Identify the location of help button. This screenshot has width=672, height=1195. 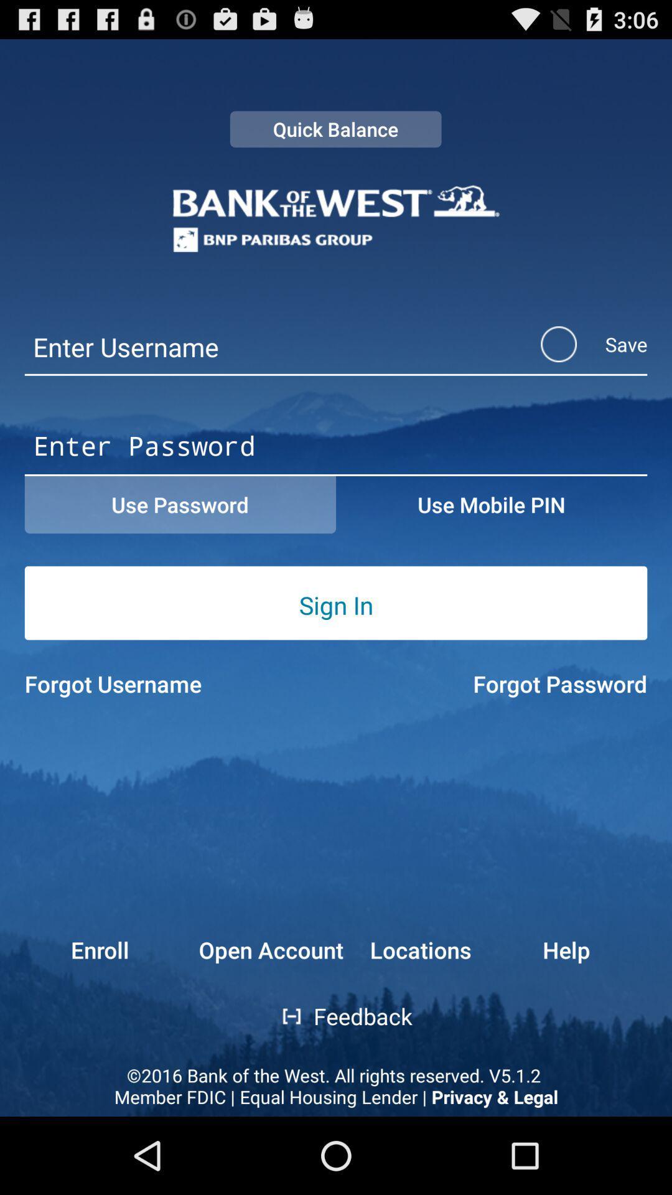
(594, 949).